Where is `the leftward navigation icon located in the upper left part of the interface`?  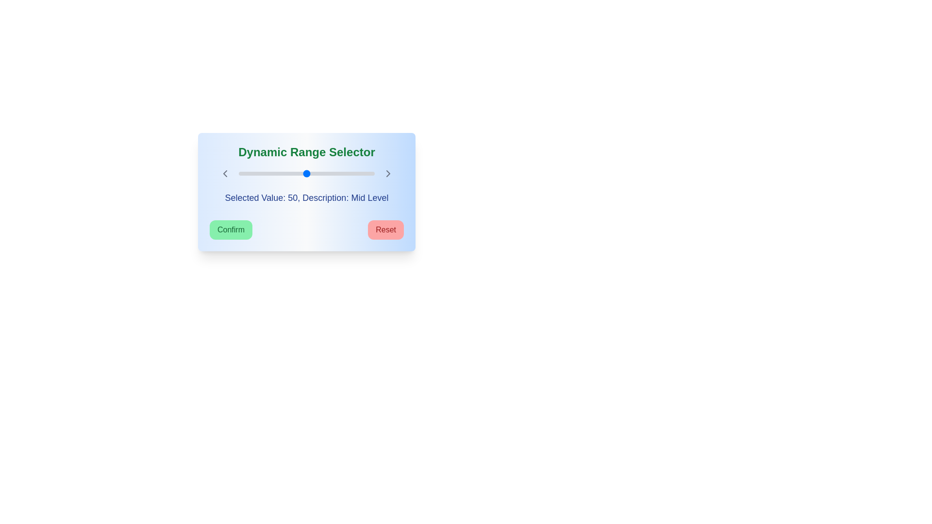 the leftward navigation icon located in the upper left part of the interface is located at coordinates (225, 173).